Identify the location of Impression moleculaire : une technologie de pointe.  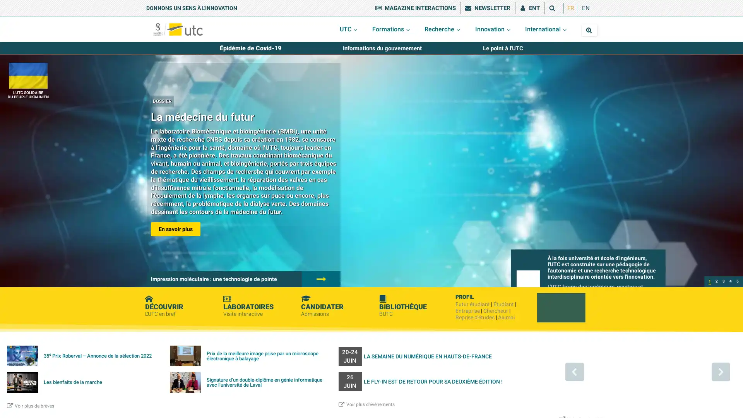
(716, 282).